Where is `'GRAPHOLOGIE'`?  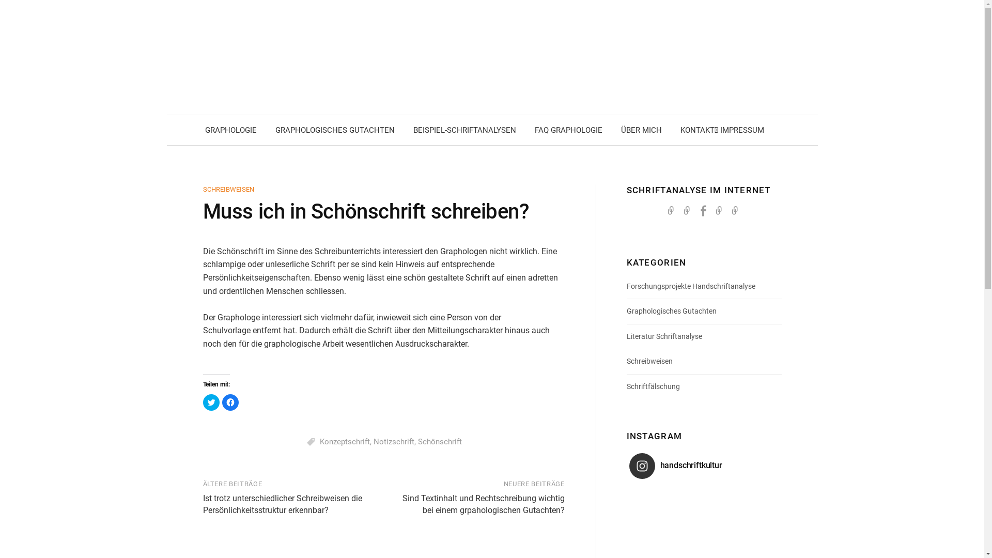 'GRAPHOLOGIE' is located at coordinates (230, 129).